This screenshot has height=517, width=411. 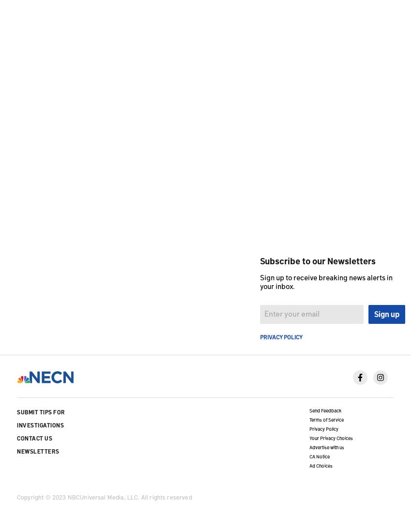 I want to click on 'Your Privacy Choices', so click(x=330, y=437).